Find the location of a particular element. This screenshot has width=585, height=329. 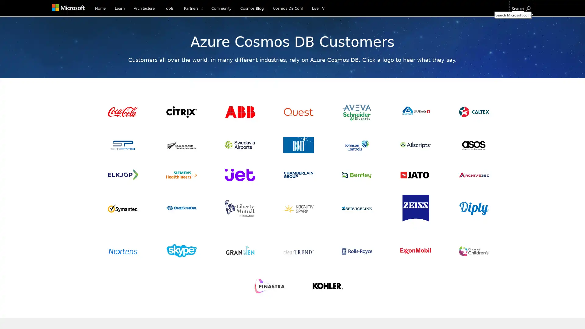

Partners is located at coordinates (193, 8).